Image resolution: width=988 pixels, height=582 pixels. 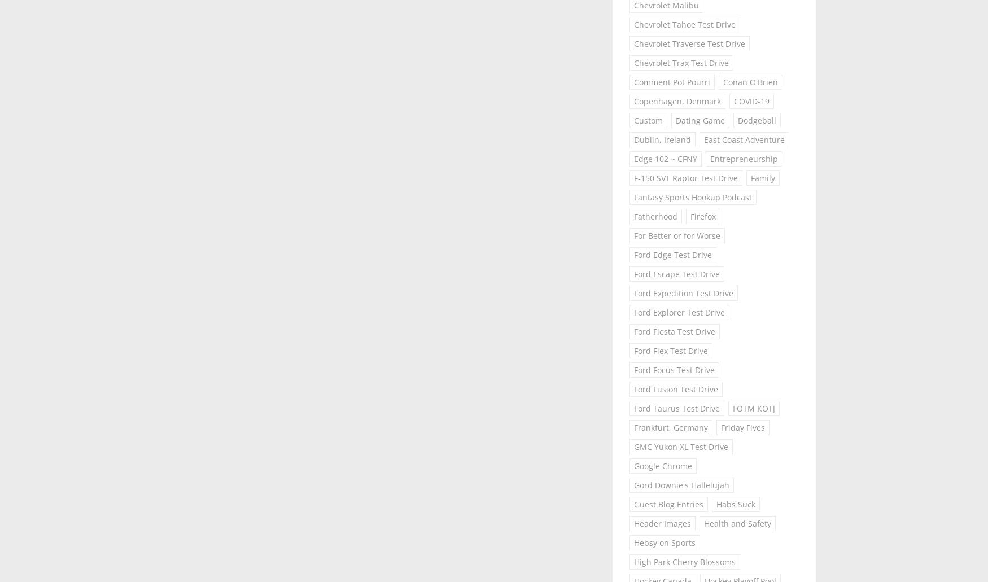 I want to click on 'Copenhagen, Denmark', so click(x=677, y=100).